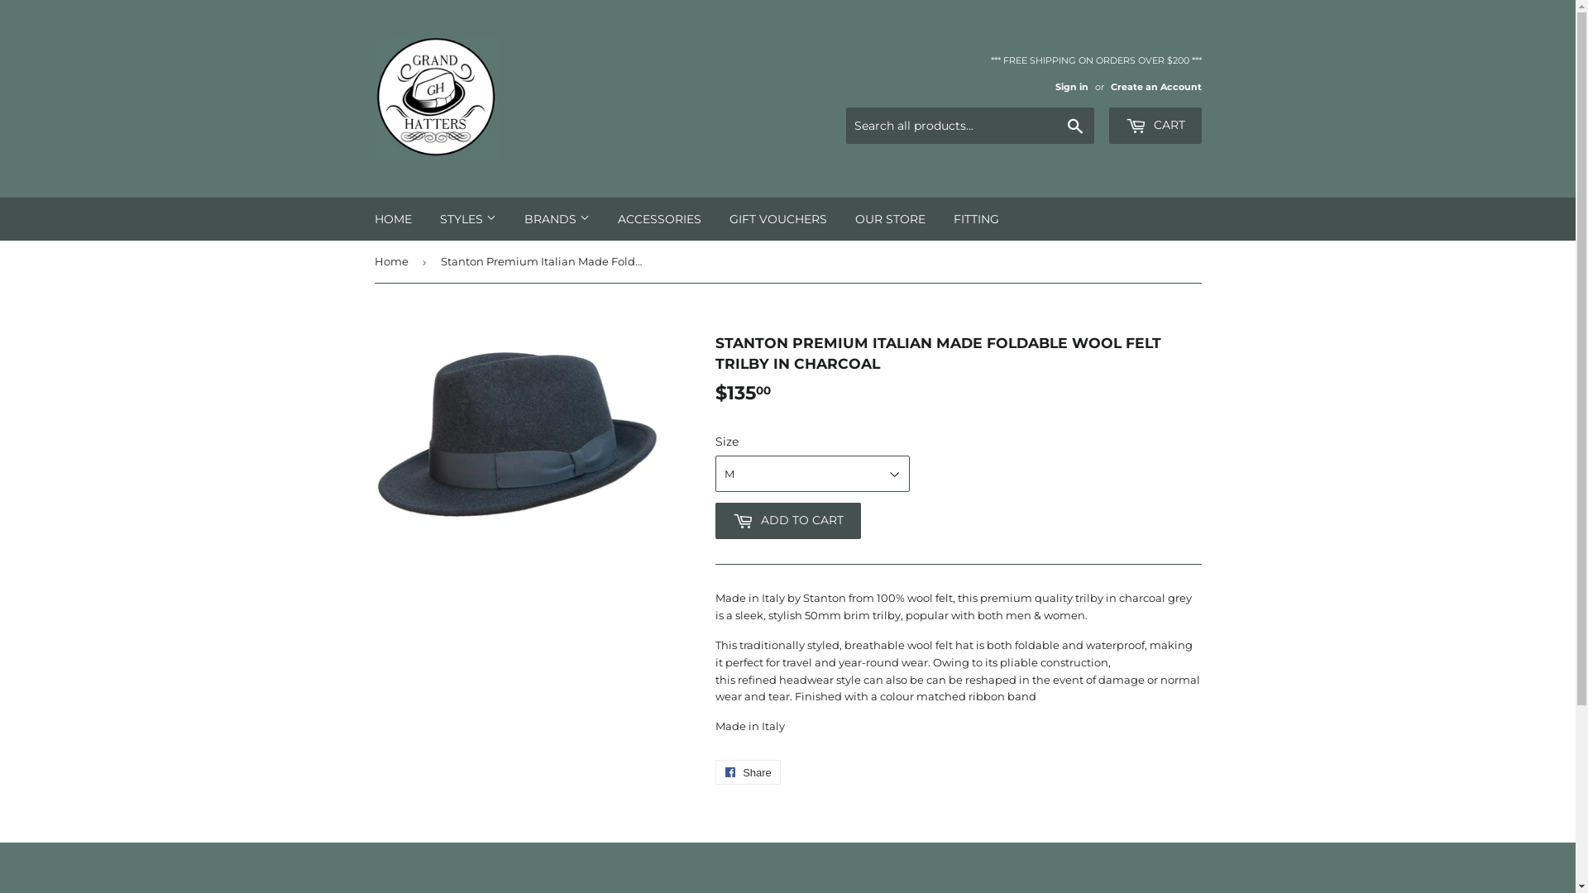 Image resolution: width=1588 pixels, height=893 pixels. What do you see at coordinates (888, 218) in the screenshot?
I see `'OUR STORE'` at bounding box center [888, 218].